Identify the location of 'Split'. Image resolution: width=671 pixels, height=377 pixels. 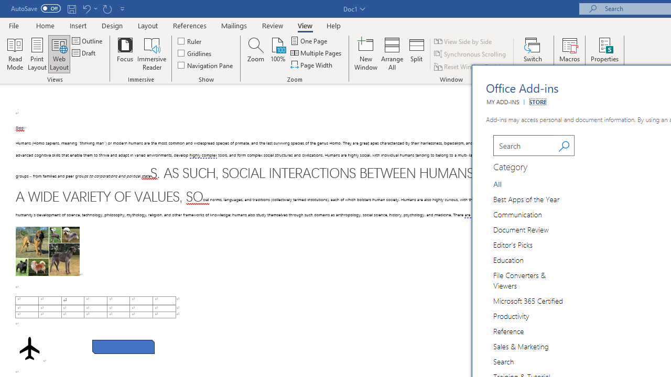
(416, 54).